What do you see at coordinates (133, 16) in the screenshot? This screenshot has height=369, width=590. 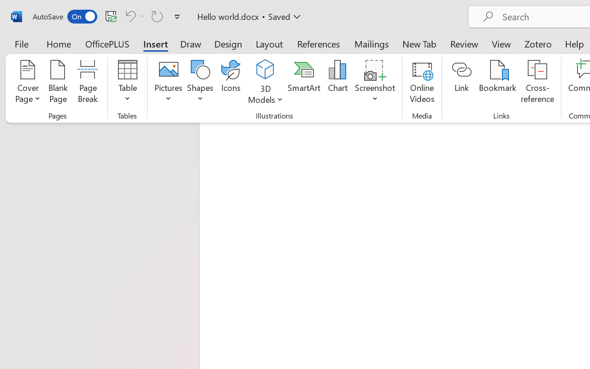 I see `'Can'` at bounding box center [133, 16].